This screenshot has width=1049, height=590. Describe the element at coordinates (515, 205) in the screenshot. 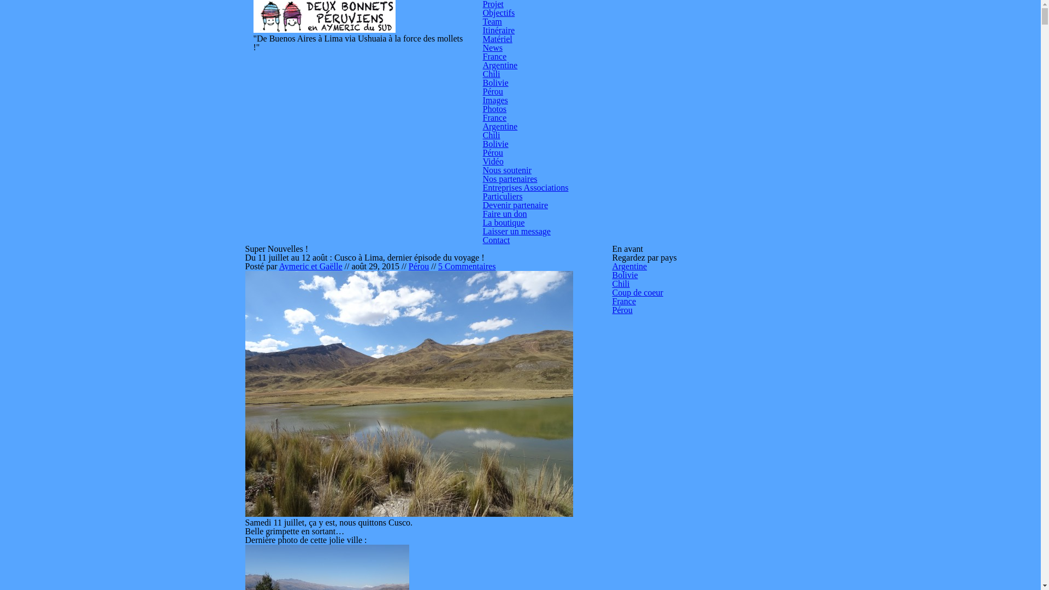

I see `'Devenir partenaire'` at that location.